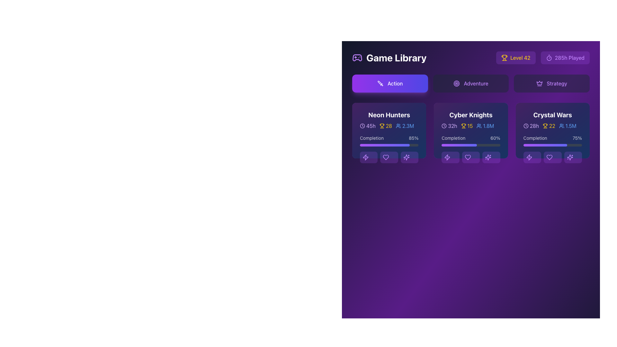  Describe the element at coordinates (398, 126) in the screenshot. I see `the engagement icon for the game 'Neon Hunters', located to the right of the trophy icon and to the left of the '2.3M' text` at that location.